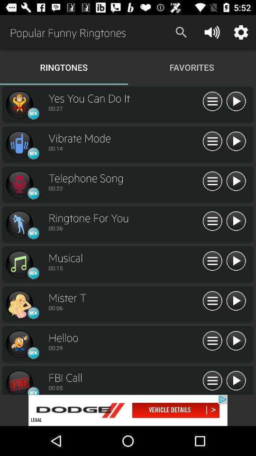  I want to click on song information, so click(212, 181).